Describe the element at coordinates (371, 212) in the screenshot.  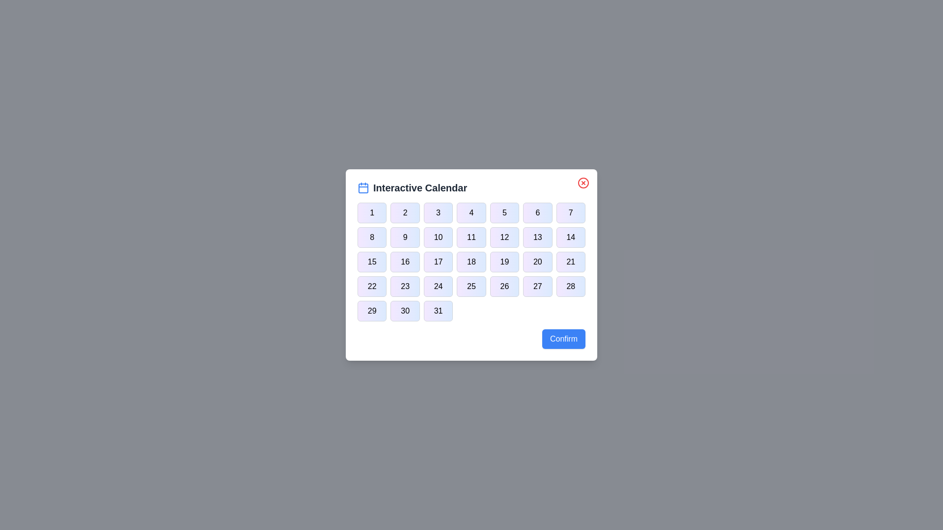
I see `the button corresponding to day 1 in the calendar` at that location.